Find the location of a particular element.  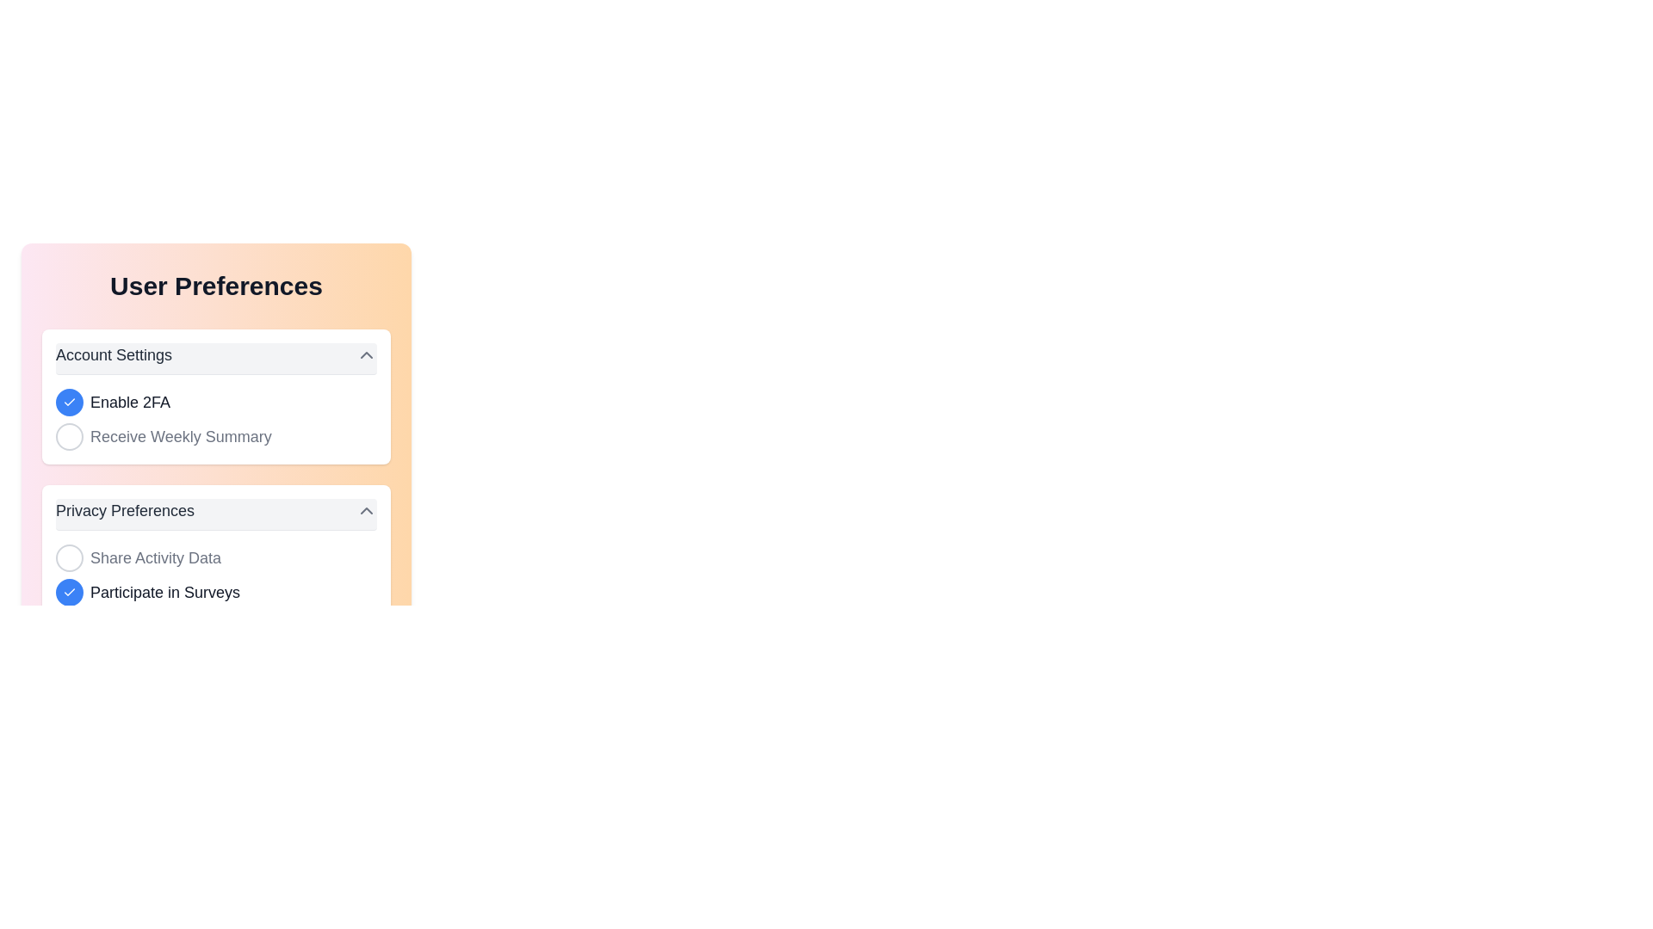

the checkmark icon inside the blue circular button located next to the 'Participate in Surveys' label in the 'Privacy Preferences' section is located at coordinates (69, 592).